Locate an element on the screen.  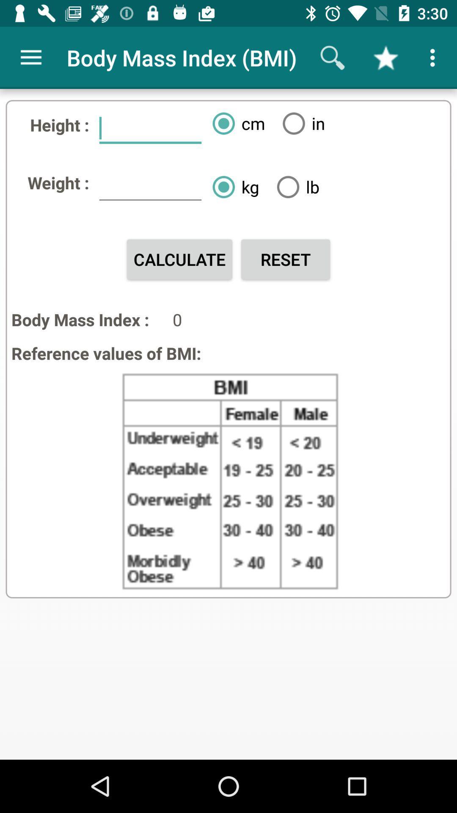
the icon above height : icon is located at coordinates (30, 57).